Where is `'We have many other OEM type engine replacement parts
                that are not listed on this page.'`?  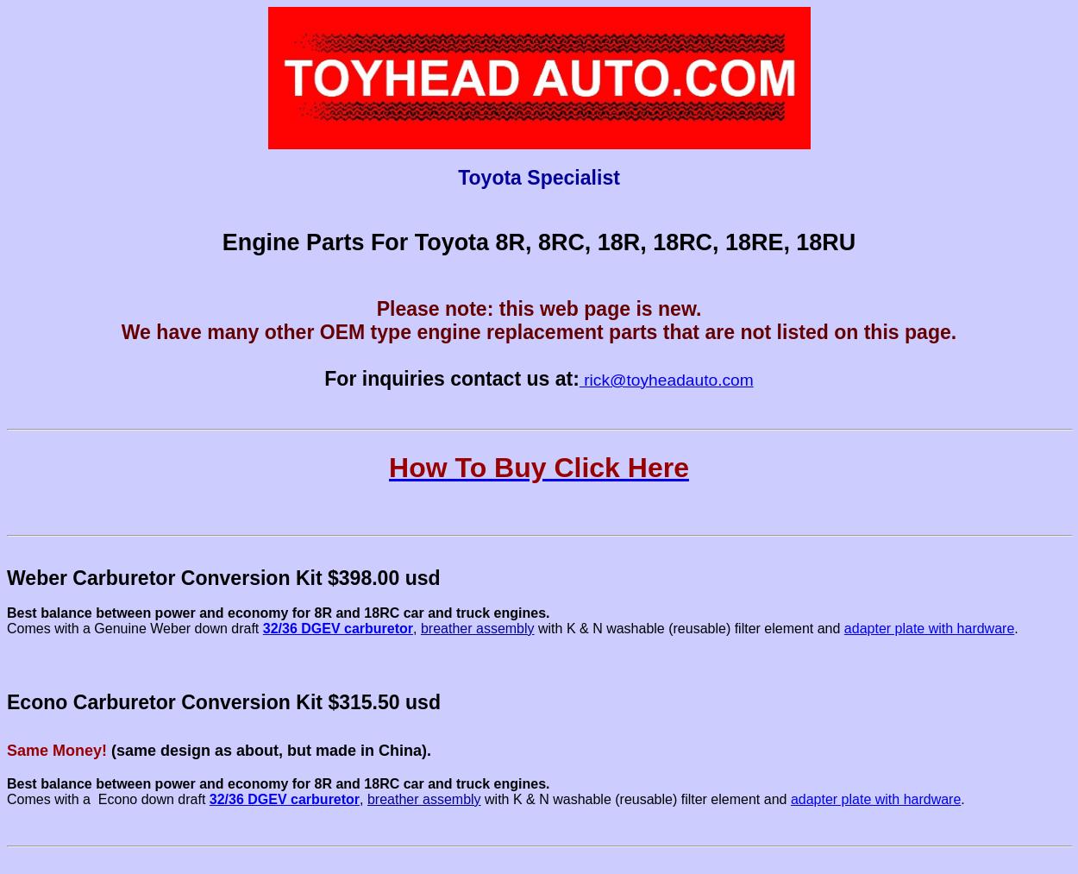
'We have many other OEM type engine replacement parts
                that are not listed on this page.' is located at coordinates (537, 332).